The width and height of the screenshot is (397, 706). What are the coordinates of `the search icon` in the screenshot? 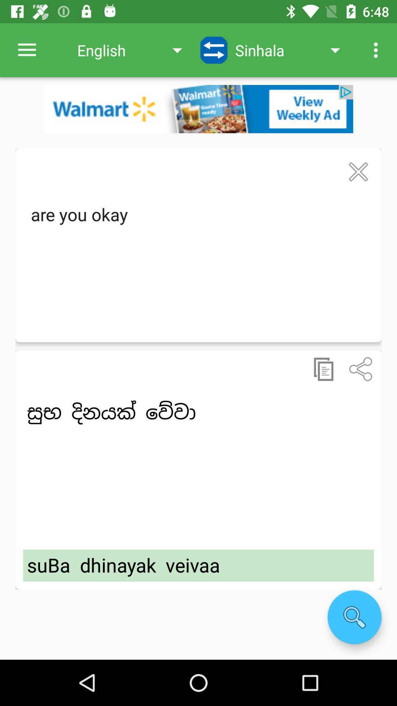 It's located at (354, 617).